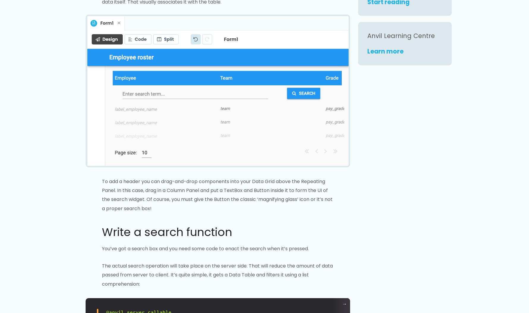 The height and width of the screenshot is (313, 529). I want to click on 'Support', so click(276, 215).